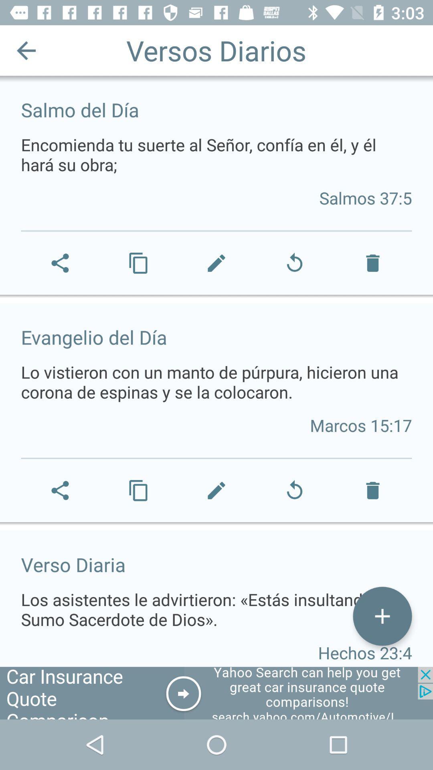  I want to click on icon next to the versos diarios icon, so click(26, 50).